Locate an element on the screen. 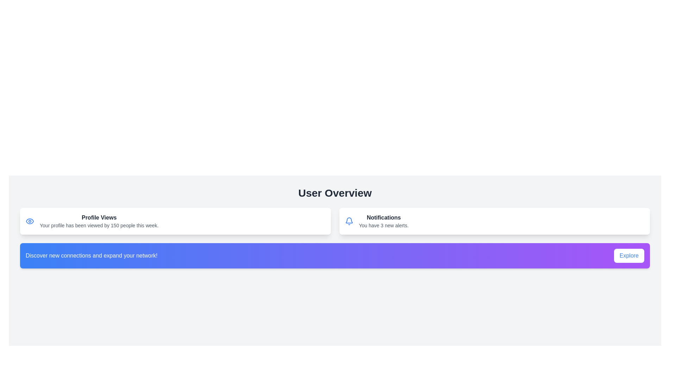 This screenshot has width=676, height=380. text from the Text Label that displays the count of new alerts, located in the lower section of the notifications card on the right side of the interface is located at coordinates (383, 225).